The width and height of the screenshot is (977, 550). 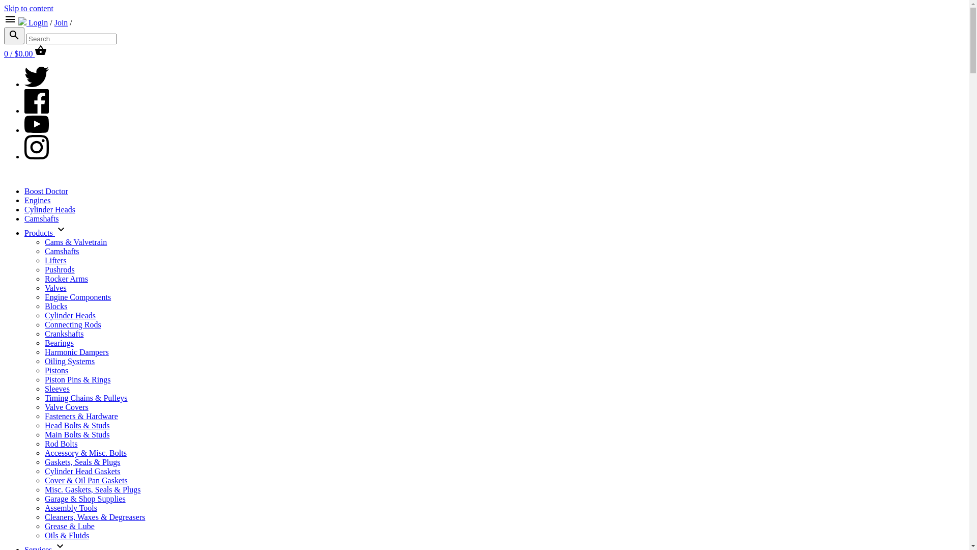 What do you see at coordinates (61, 443) in the screenshot?
I see `'Rod Bolts'` at bounding box center [61, 443].